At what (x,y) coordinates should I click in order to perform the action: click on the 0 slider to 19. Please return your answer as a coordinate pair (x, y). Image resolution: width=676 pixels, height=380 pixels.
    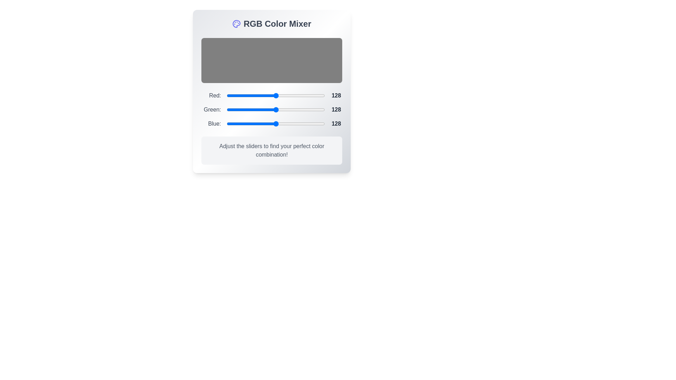
    Looking at the image, I should click on (234, 96).